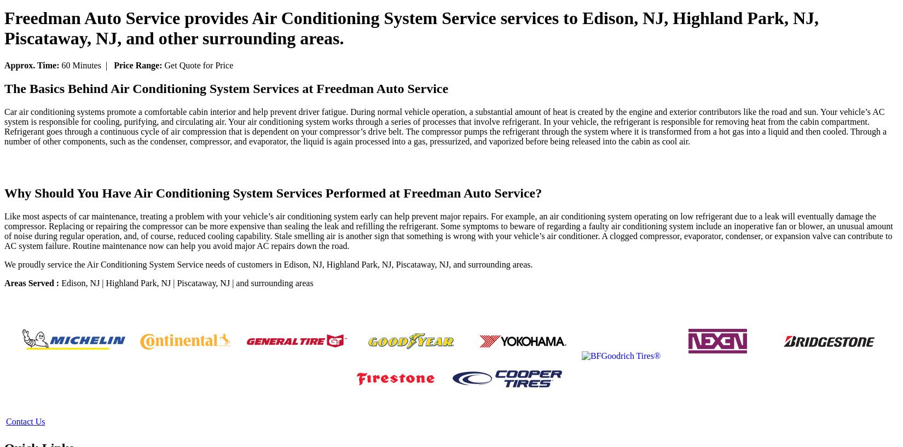 This screenshot has width=903, height=447. I want to click on 'Get Quote for Price', so click(198, 65).